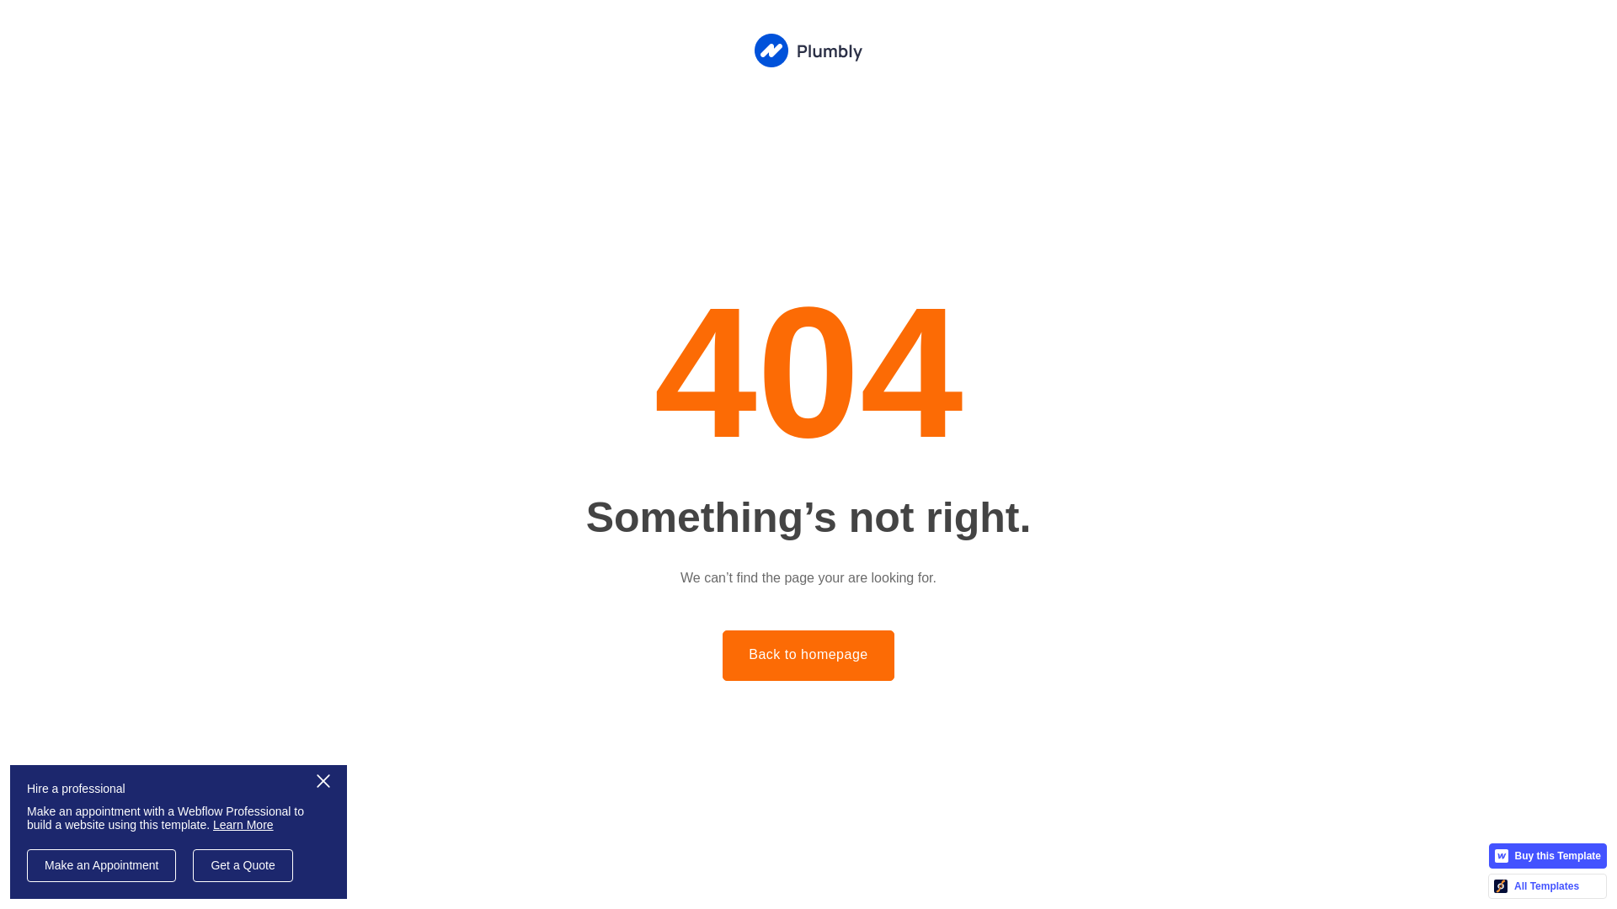 This screenshot has height=909, width=1617. Describe the element at coordinates (242, 865) in the screenshot. I see `'Get a Quote'` at that location.